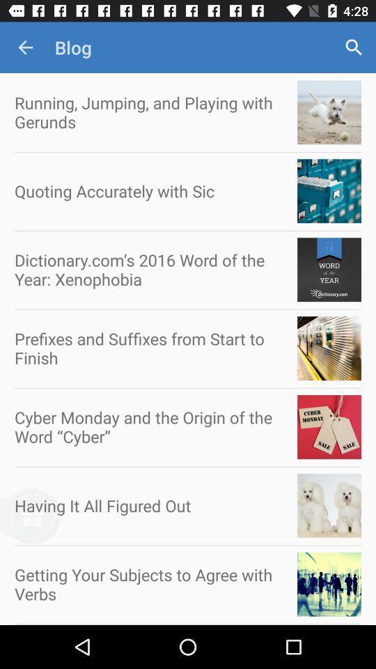  What do you see at coordinates (25, 47) in the screenshot?
I see `icon next to the blog` at bounding box center [25, 47].